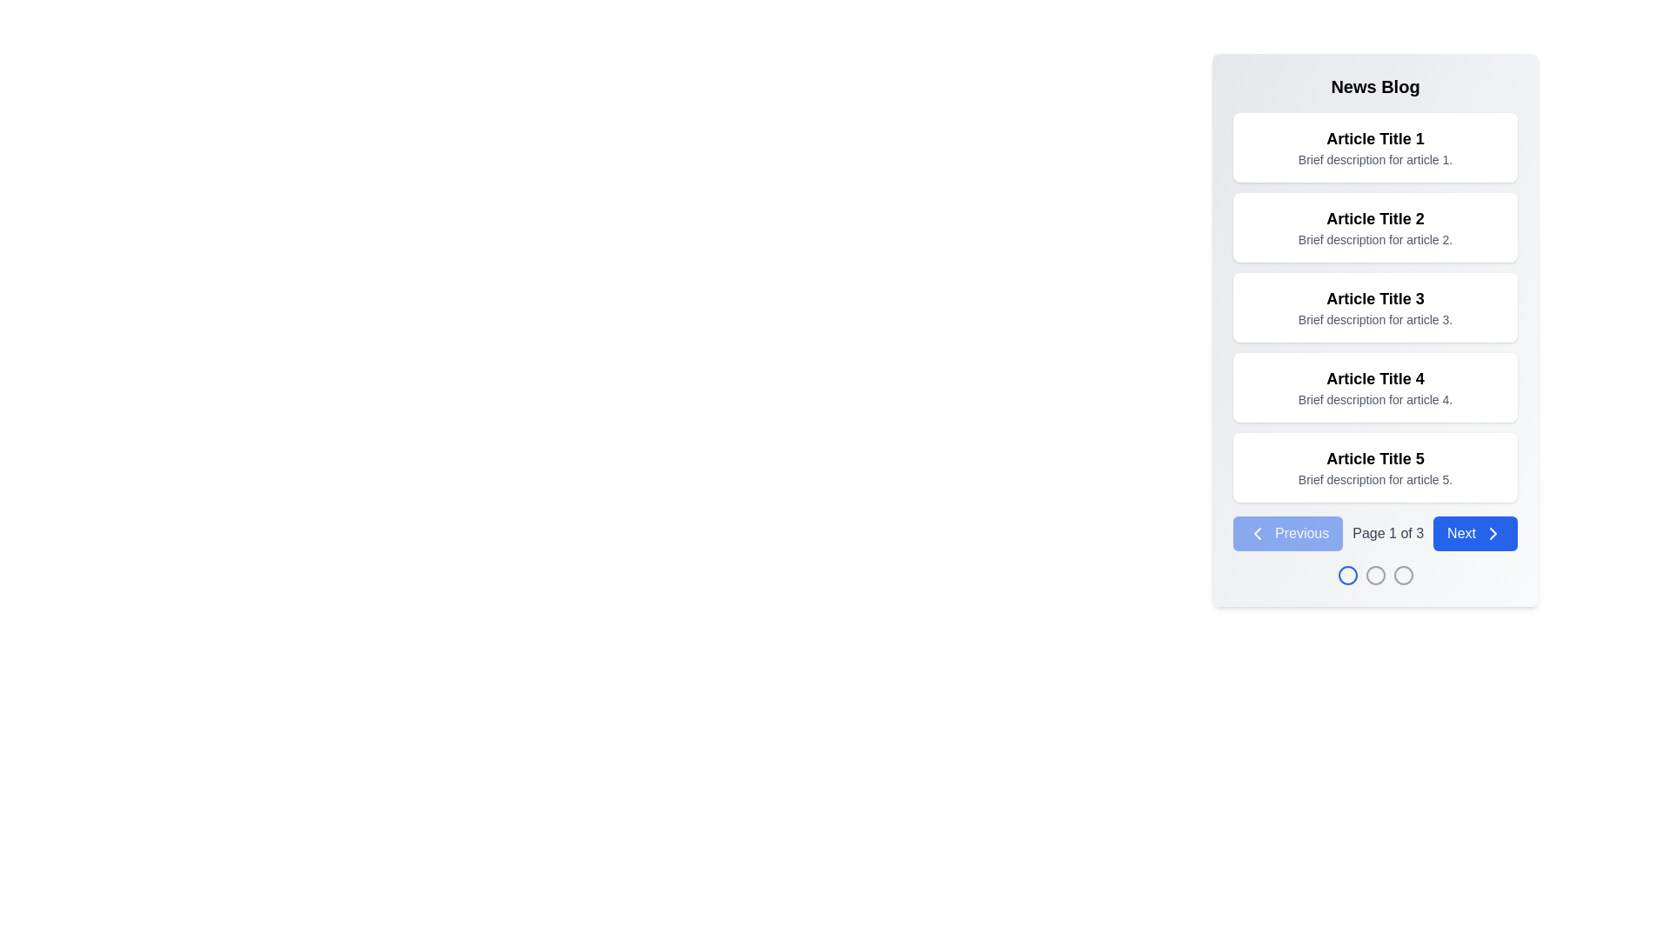 The image size is (1670, 939). What do you see at coordinates (1403, 576) in the screenshot?
I see `the third pagination indicator, which is a circular shape with a visible outline` at bounding box center [1403, 576].